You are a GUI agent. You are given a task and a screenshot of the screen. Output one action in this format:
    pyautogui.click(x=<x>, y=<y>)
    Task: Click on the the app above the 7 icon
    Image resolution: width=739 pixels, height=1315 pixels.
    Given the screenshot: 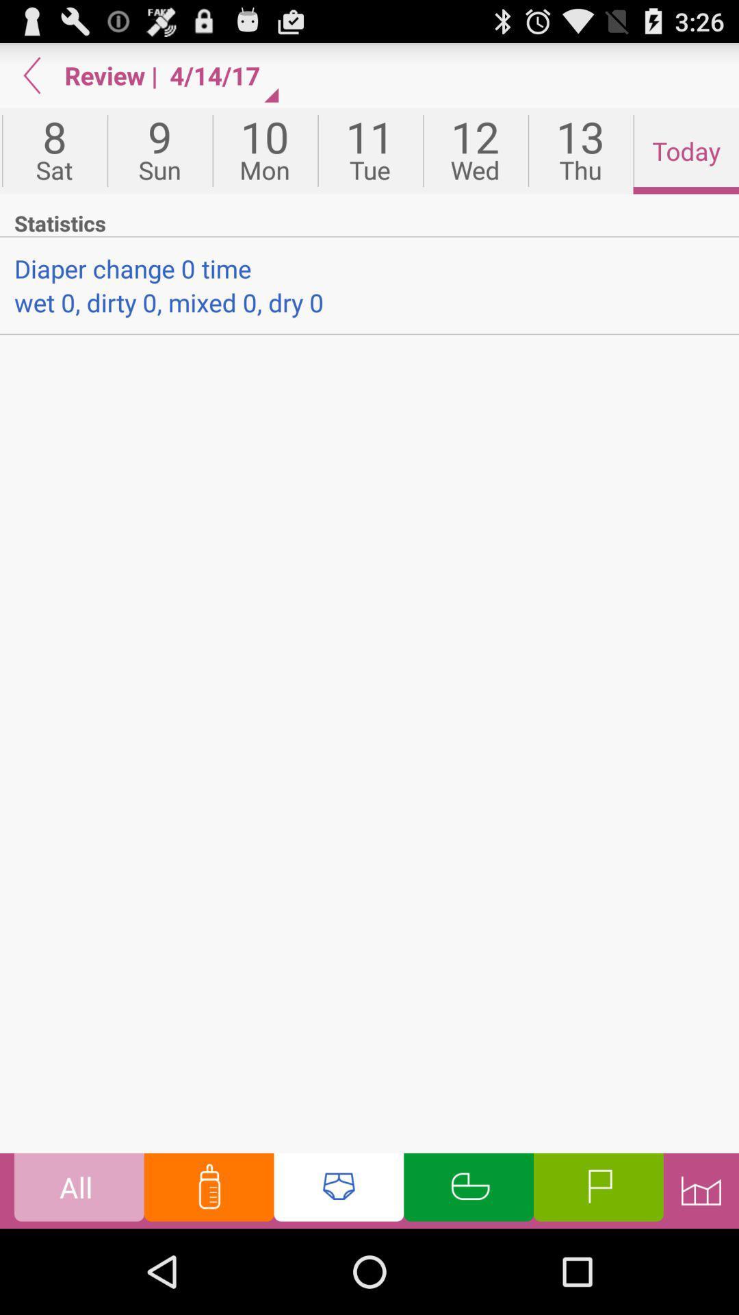 What is the action you would take?
    pyautogui.click(x=31, y=75)
    